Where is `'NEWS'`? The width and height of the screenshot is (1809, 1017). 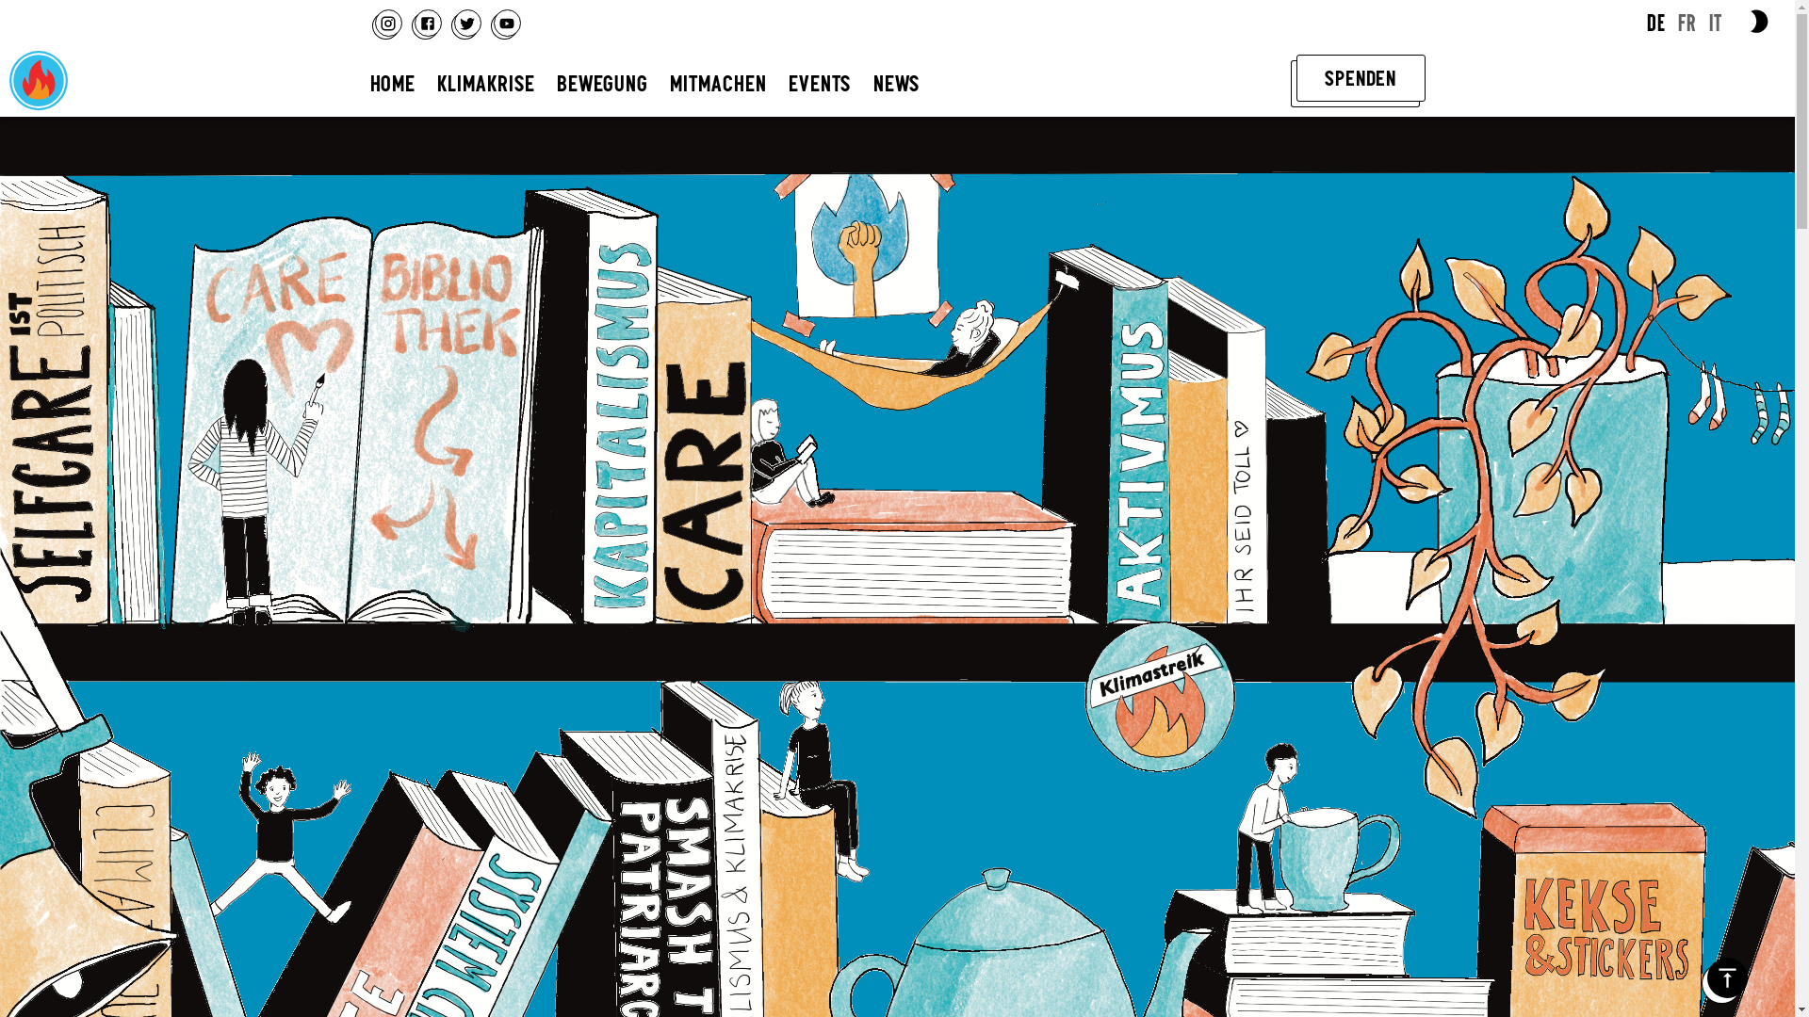 'NEWS' is located at coordinates (895, 81).